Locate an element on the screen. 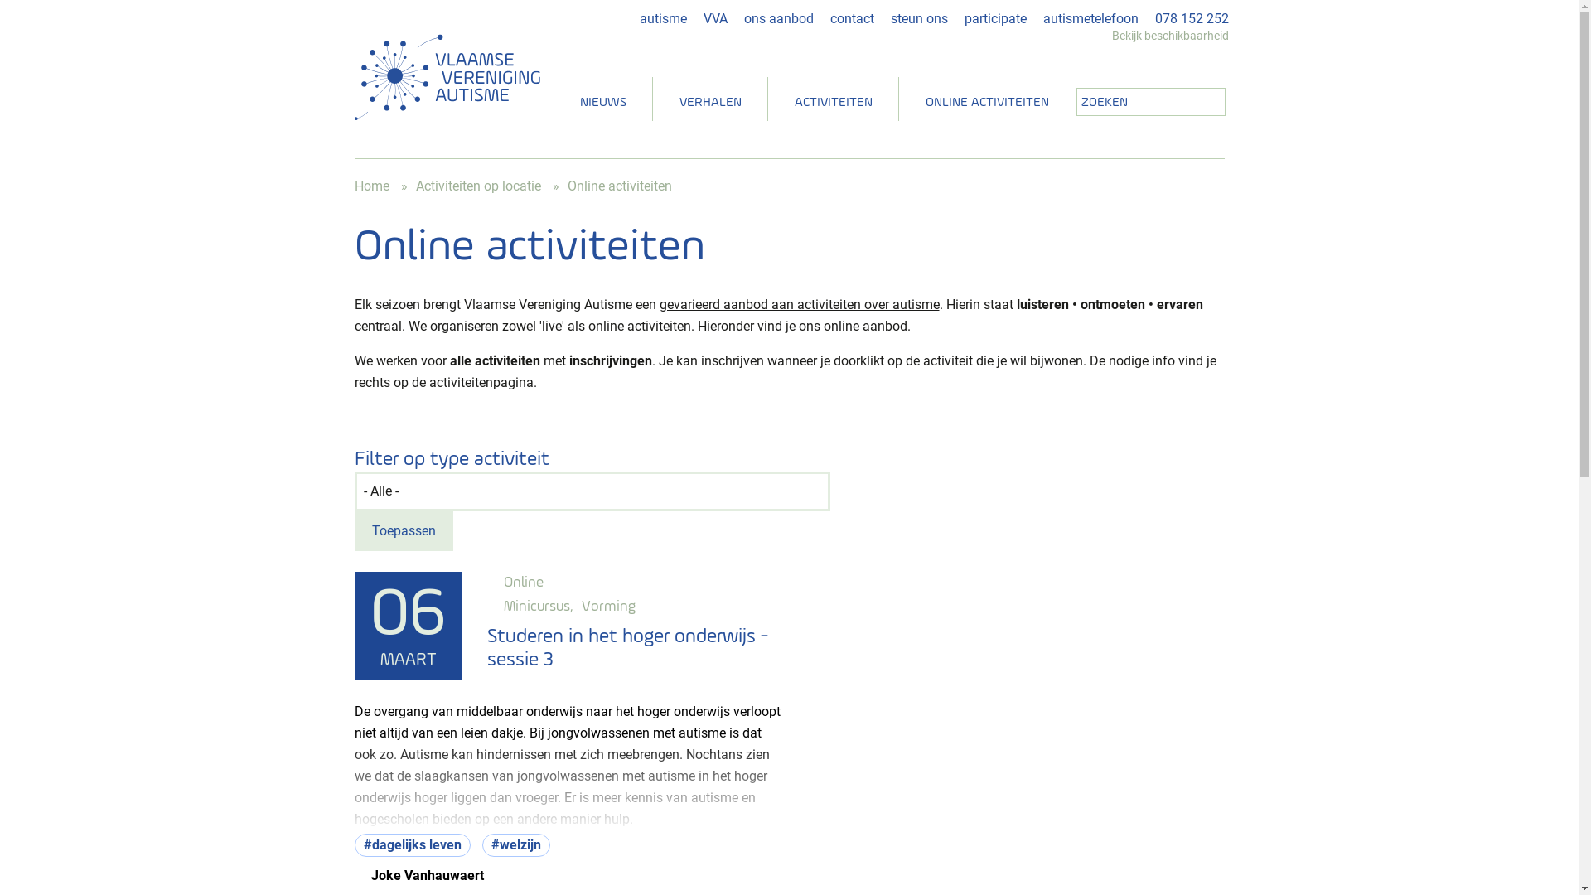 The height and width of the screenshot is (895, 1591). 'ONLINE ACTIVITEITEN' is located at coordinates (986, 102).